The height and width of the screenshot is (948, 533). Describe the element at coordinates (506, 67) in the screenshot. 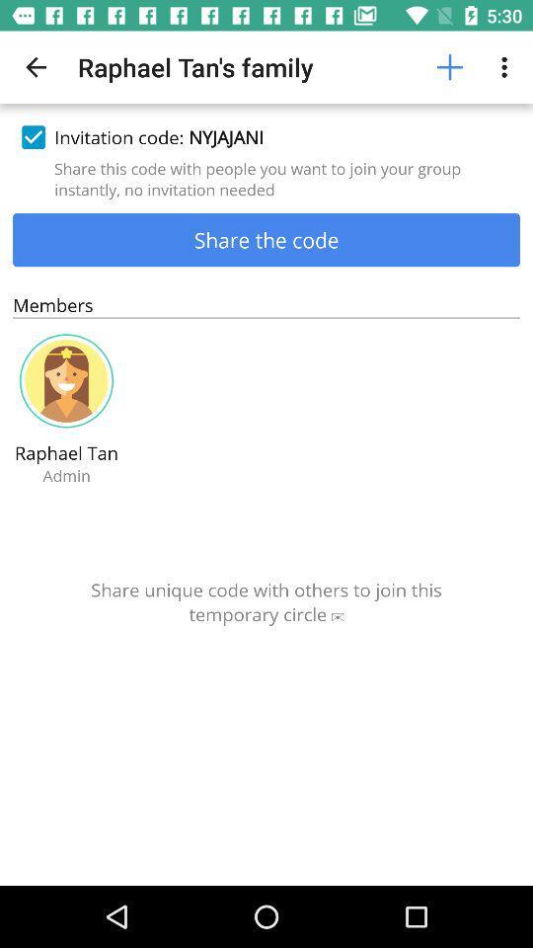

I see `the item above invitation code: nyjajani item` at that location.